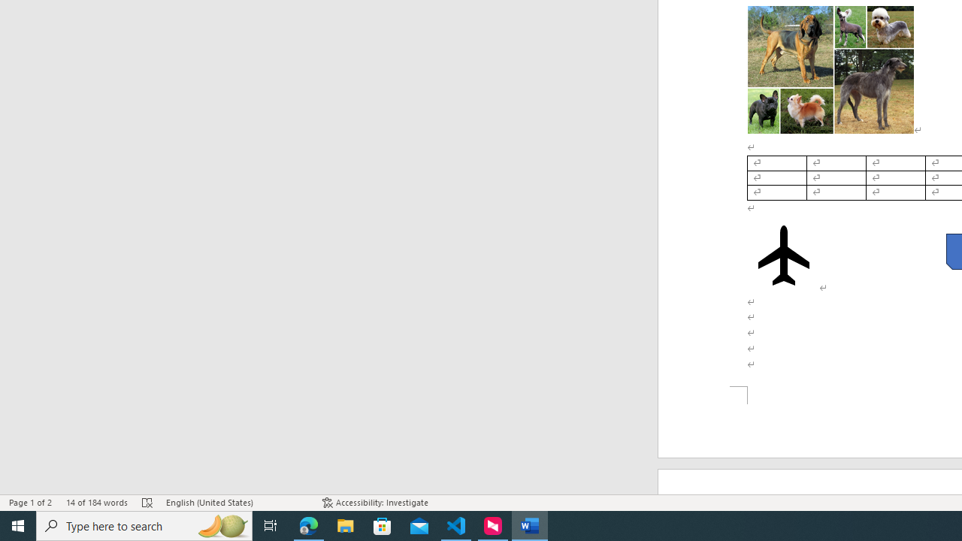 The height and width of the screenshot is (541, 962). Describe the element at coordinates (147, 503) in the screenshot. I see `'Spelling and Grammar Check Errors'` at that location.